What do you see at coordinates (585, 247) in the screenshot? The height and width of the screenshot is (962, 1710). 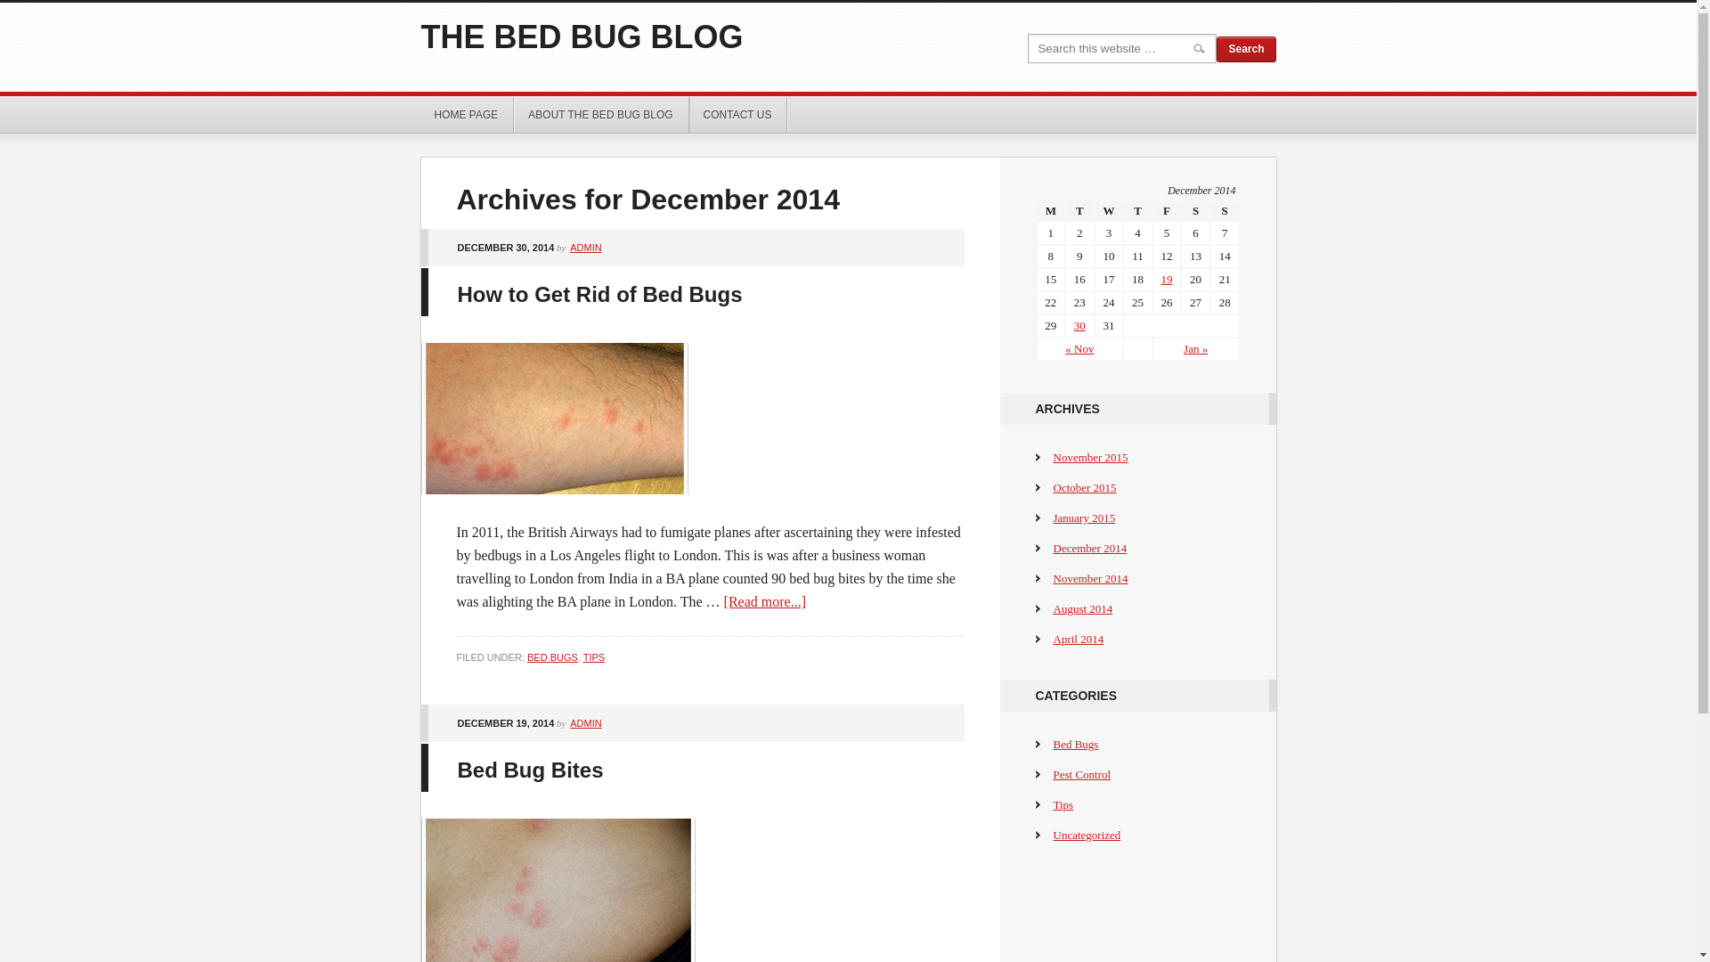 I see `'ADMIN'` at bounding box center [585, 247].